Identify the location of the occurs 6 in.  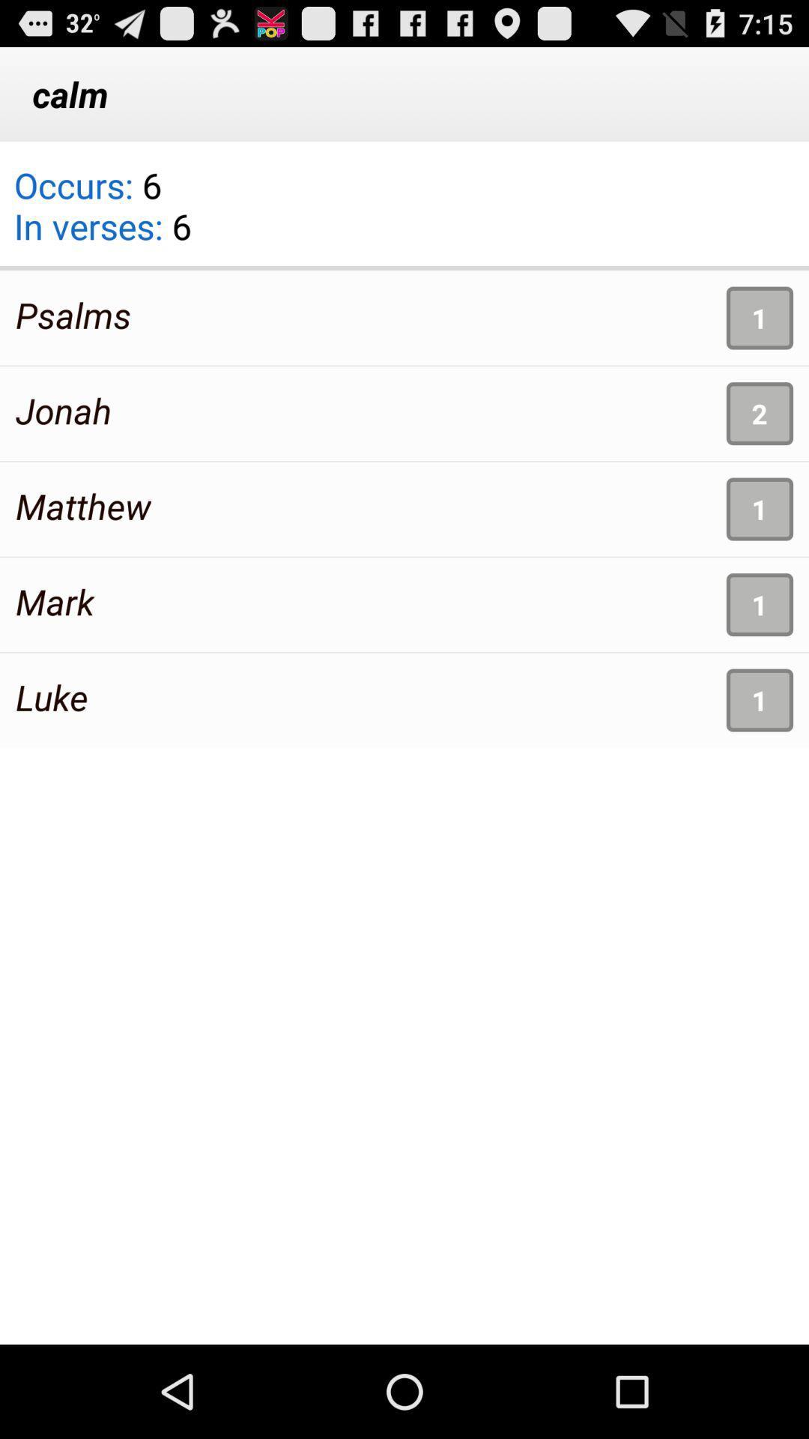
(102, 214).